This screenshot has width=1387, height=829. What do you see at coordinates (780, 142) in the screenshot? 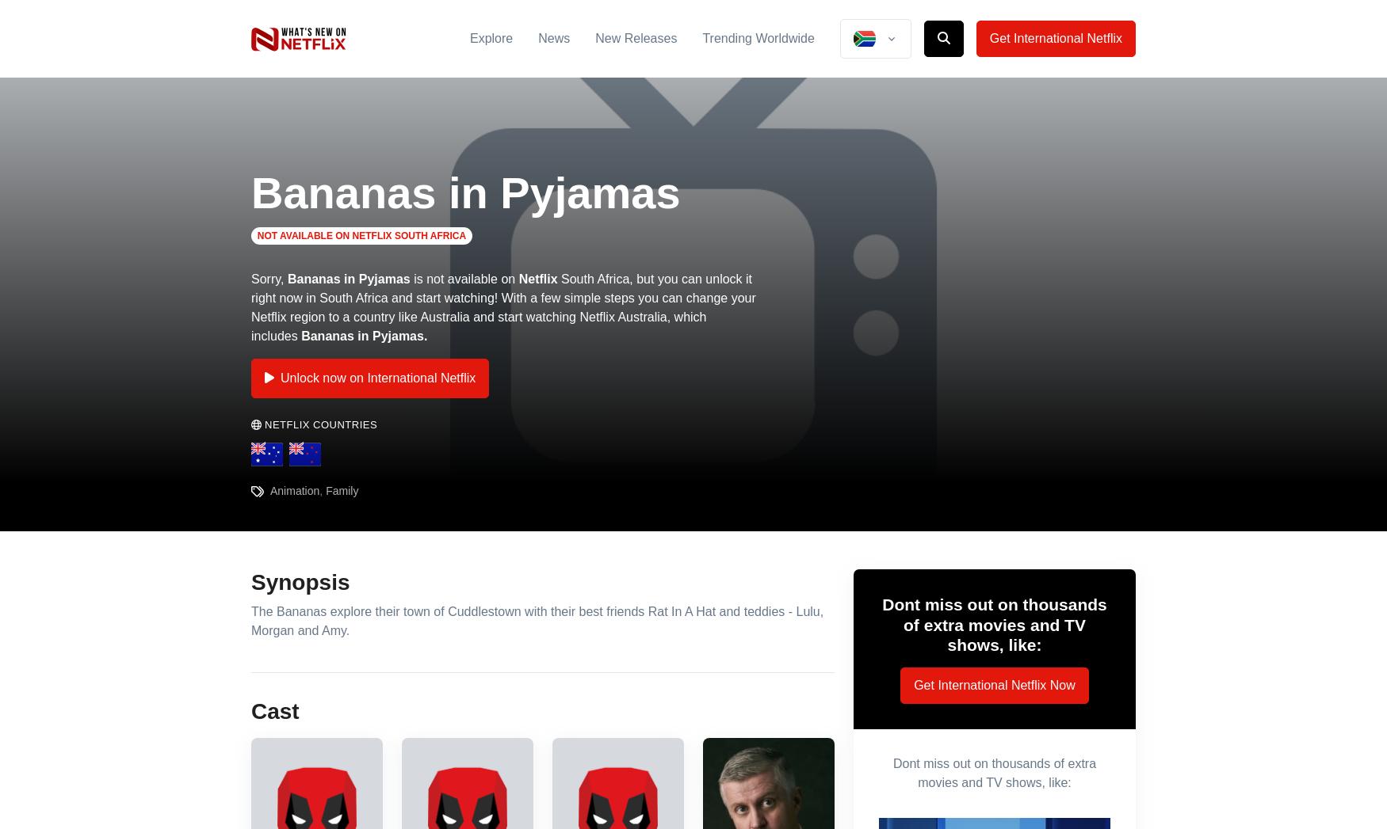
I see `'2012-06-26'` at bounding box center [780, 142].